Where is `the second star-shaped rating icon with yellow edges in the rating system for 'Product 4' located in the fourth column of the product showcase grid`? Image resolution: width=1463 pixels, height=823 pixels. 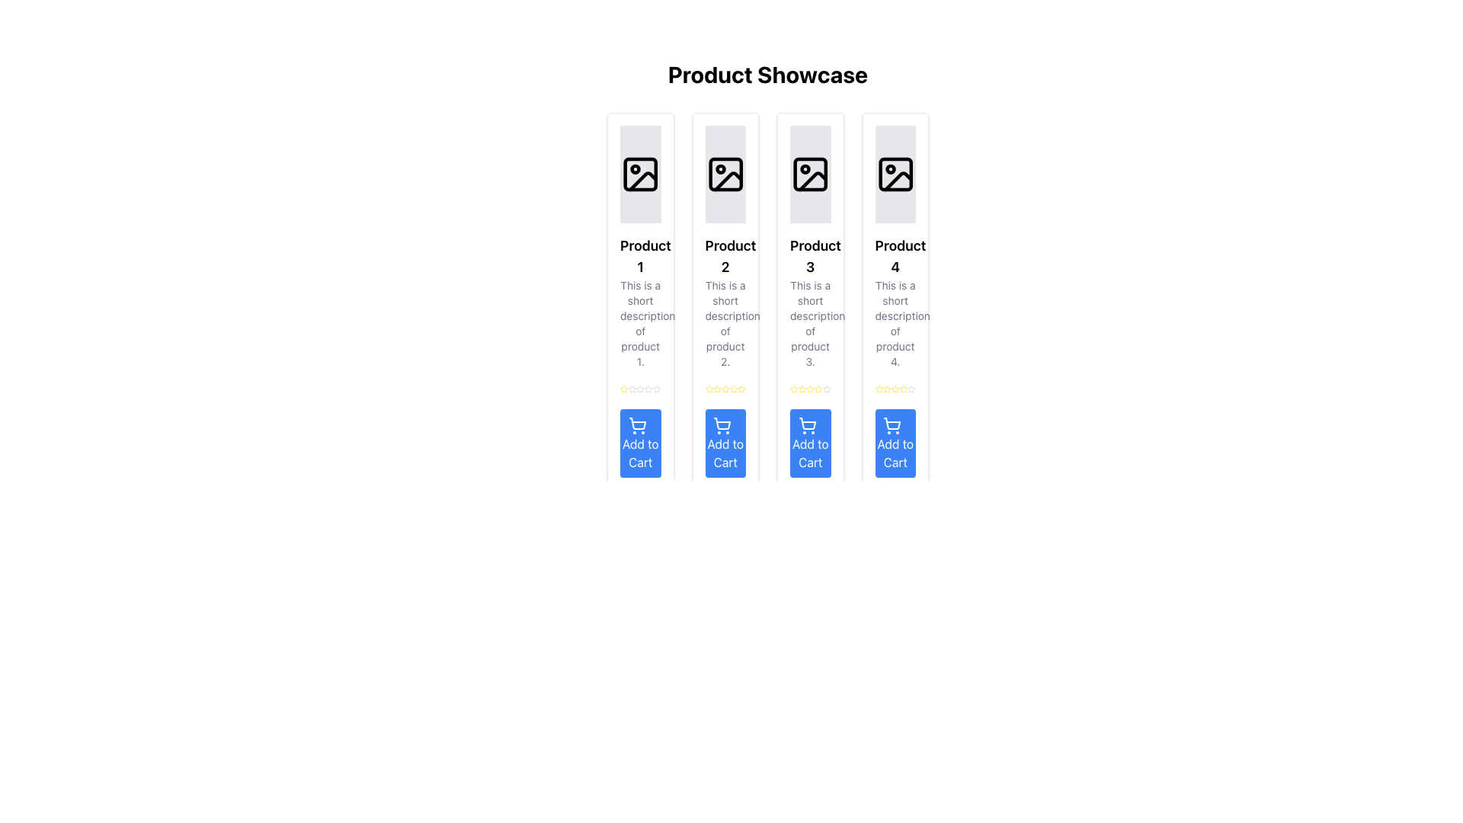 the second star-shaped rating icon with yellow edges in the rating system for 'Product 4' located in the fourth column of the product showcase grid is located at coordinates (887, 388).